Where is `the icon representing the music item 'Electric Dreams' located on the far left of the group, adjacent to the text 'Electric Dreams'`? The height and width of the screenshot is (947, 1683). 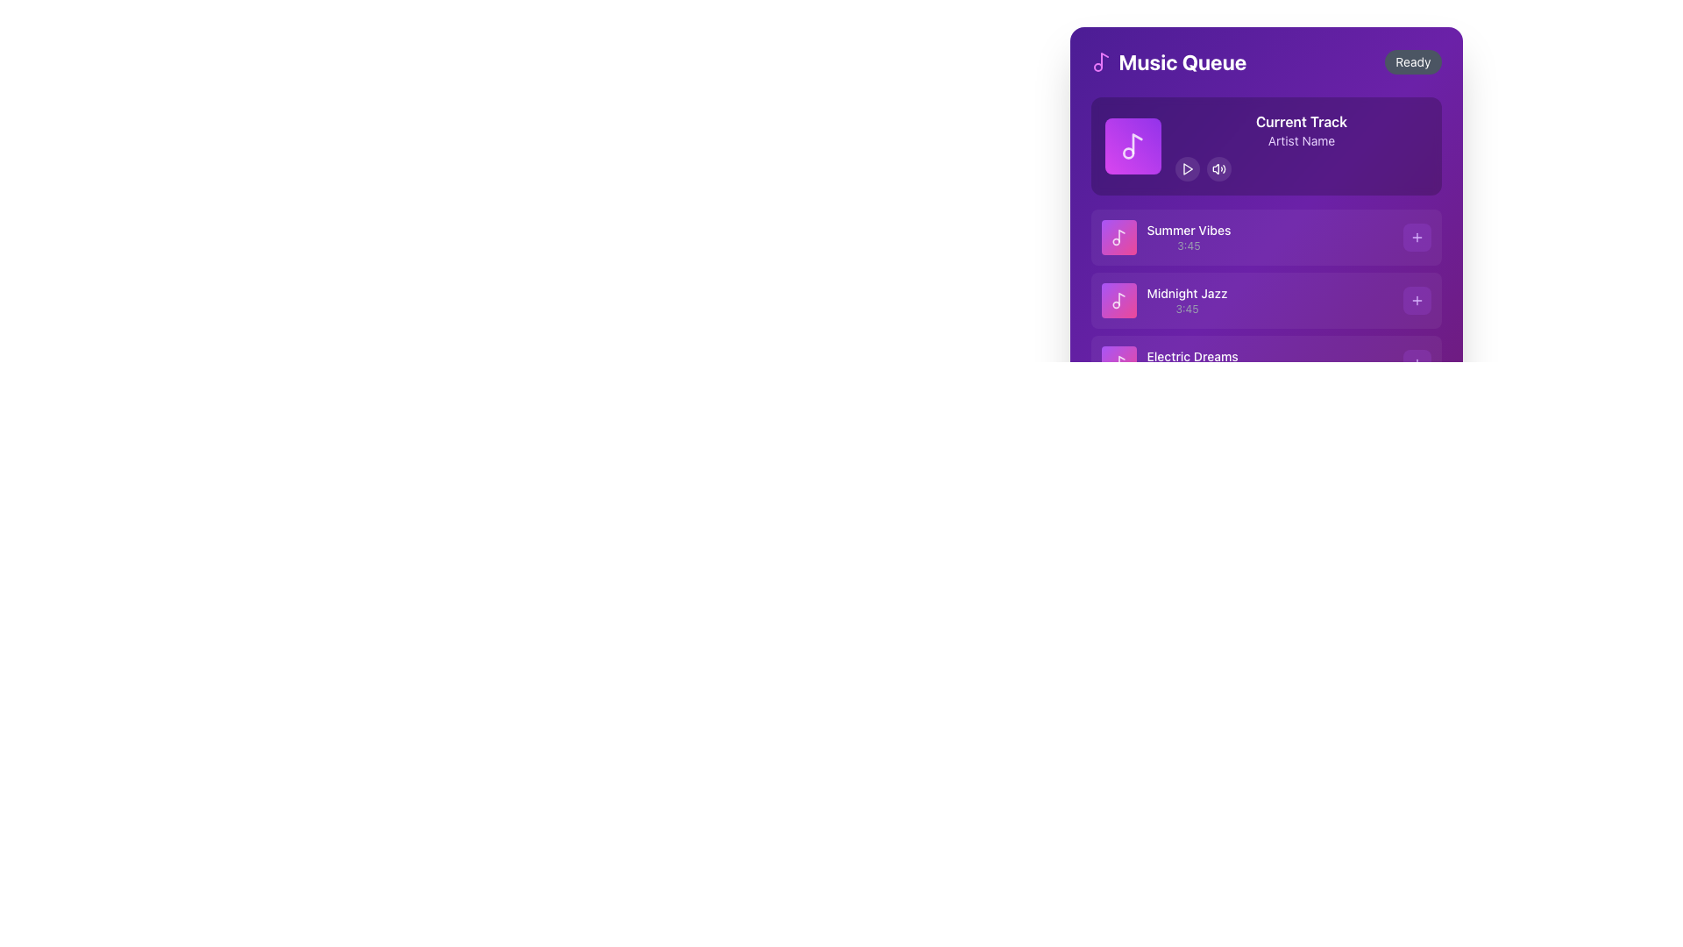 the icon representing the music item 'Electric Dreams' located on the far left of the group, adjacent to the text 'Electric Dreams' is located at coordinates (1118, 363).